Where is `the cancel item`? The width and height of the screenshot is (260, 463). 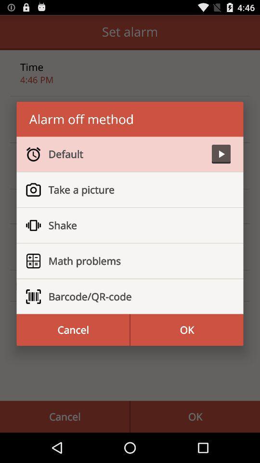
the cancel item is located at coordinates (72, 330).